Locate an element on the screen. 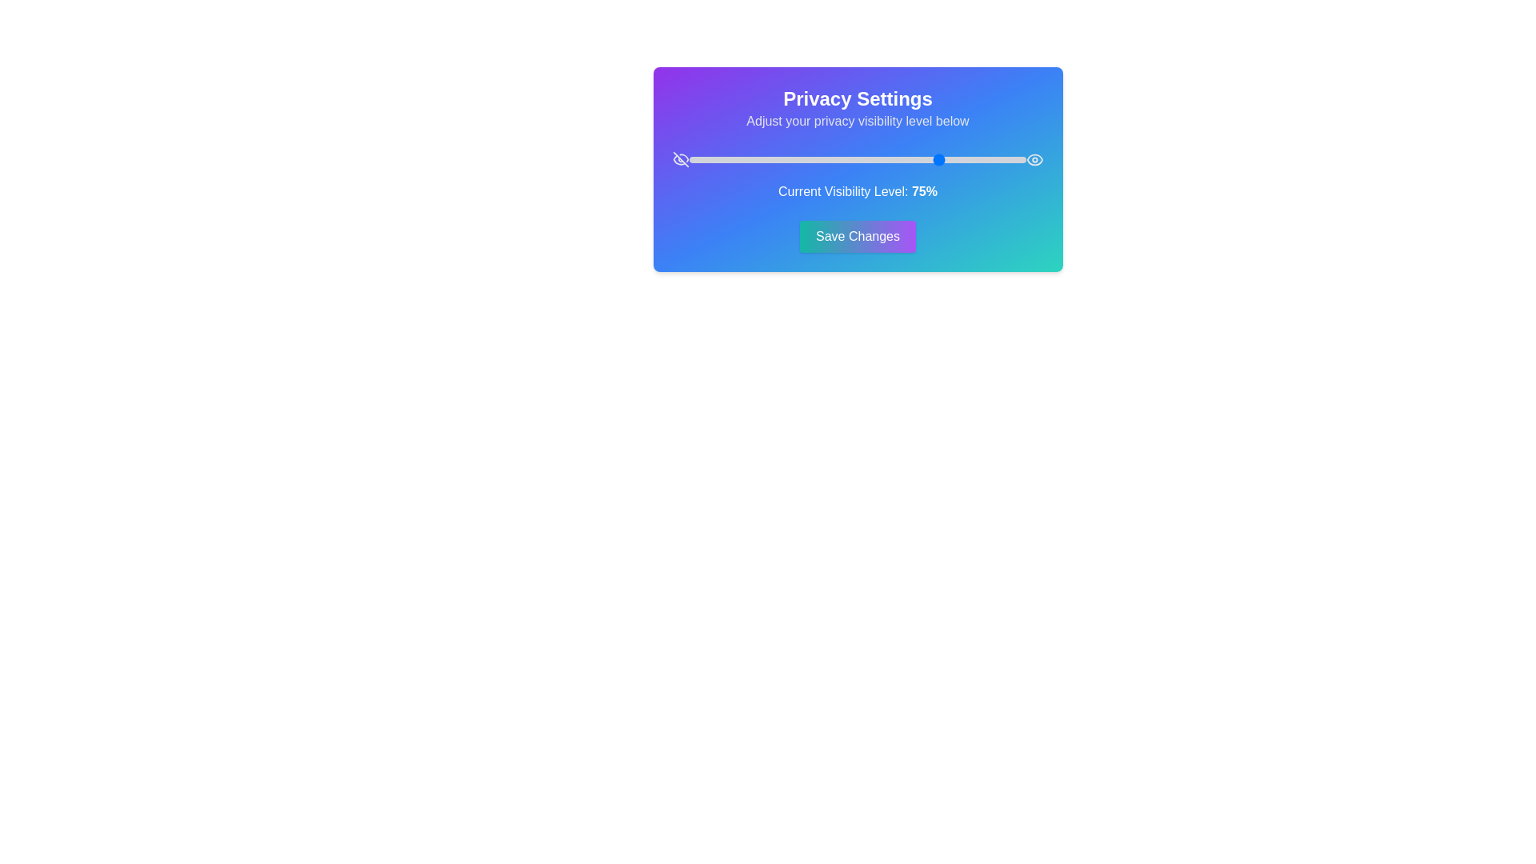 The image size is (1536, 864). the icon EyeOff to explore its interactivity is located at coordinates (681, 160).